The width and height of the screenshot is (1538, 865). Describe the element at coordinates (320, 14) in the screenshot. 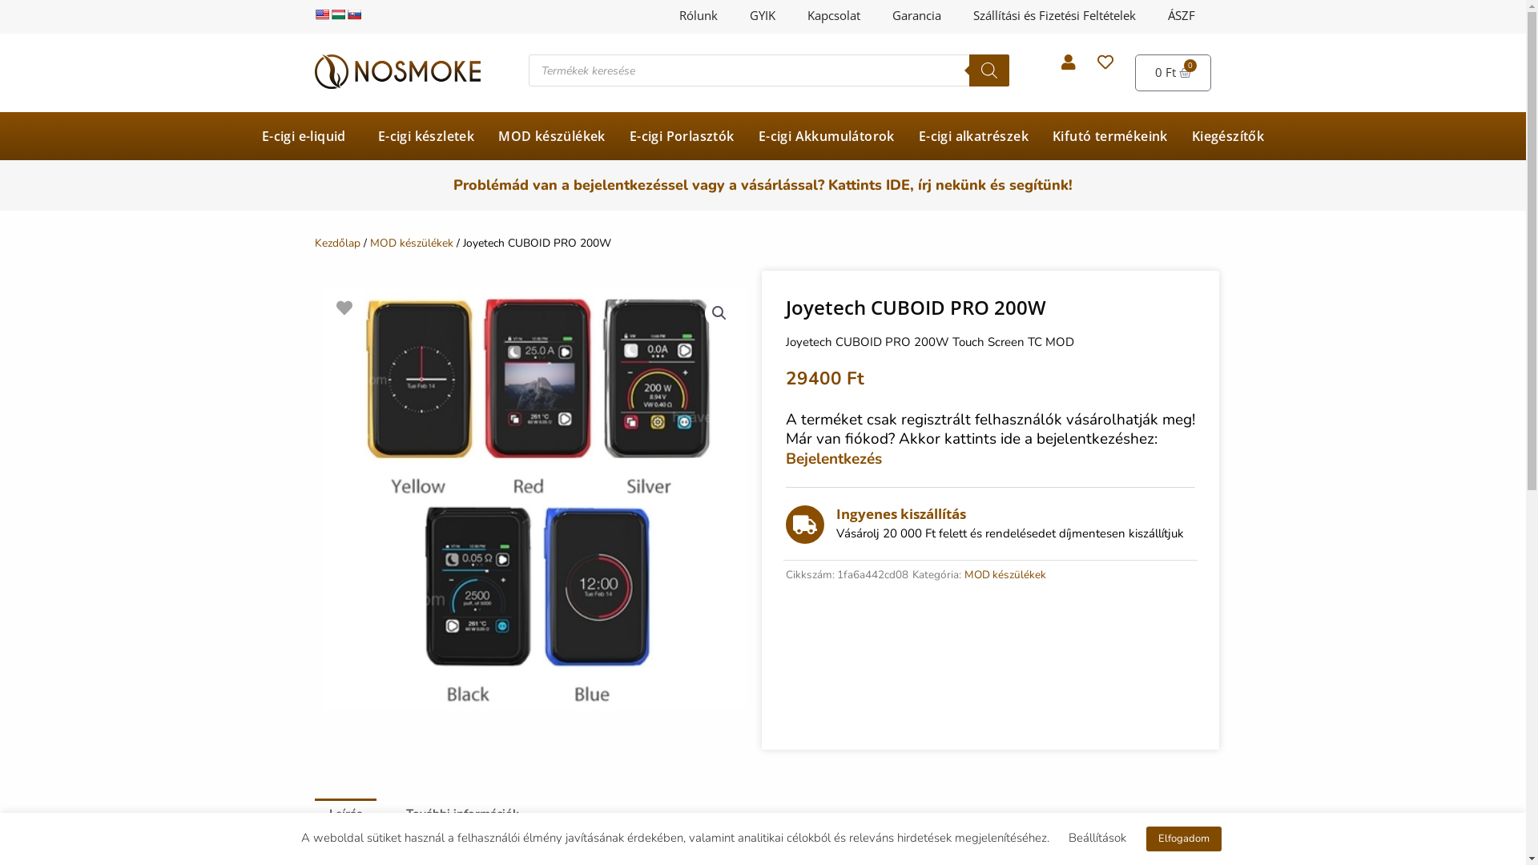

I see `'English'` at that location.